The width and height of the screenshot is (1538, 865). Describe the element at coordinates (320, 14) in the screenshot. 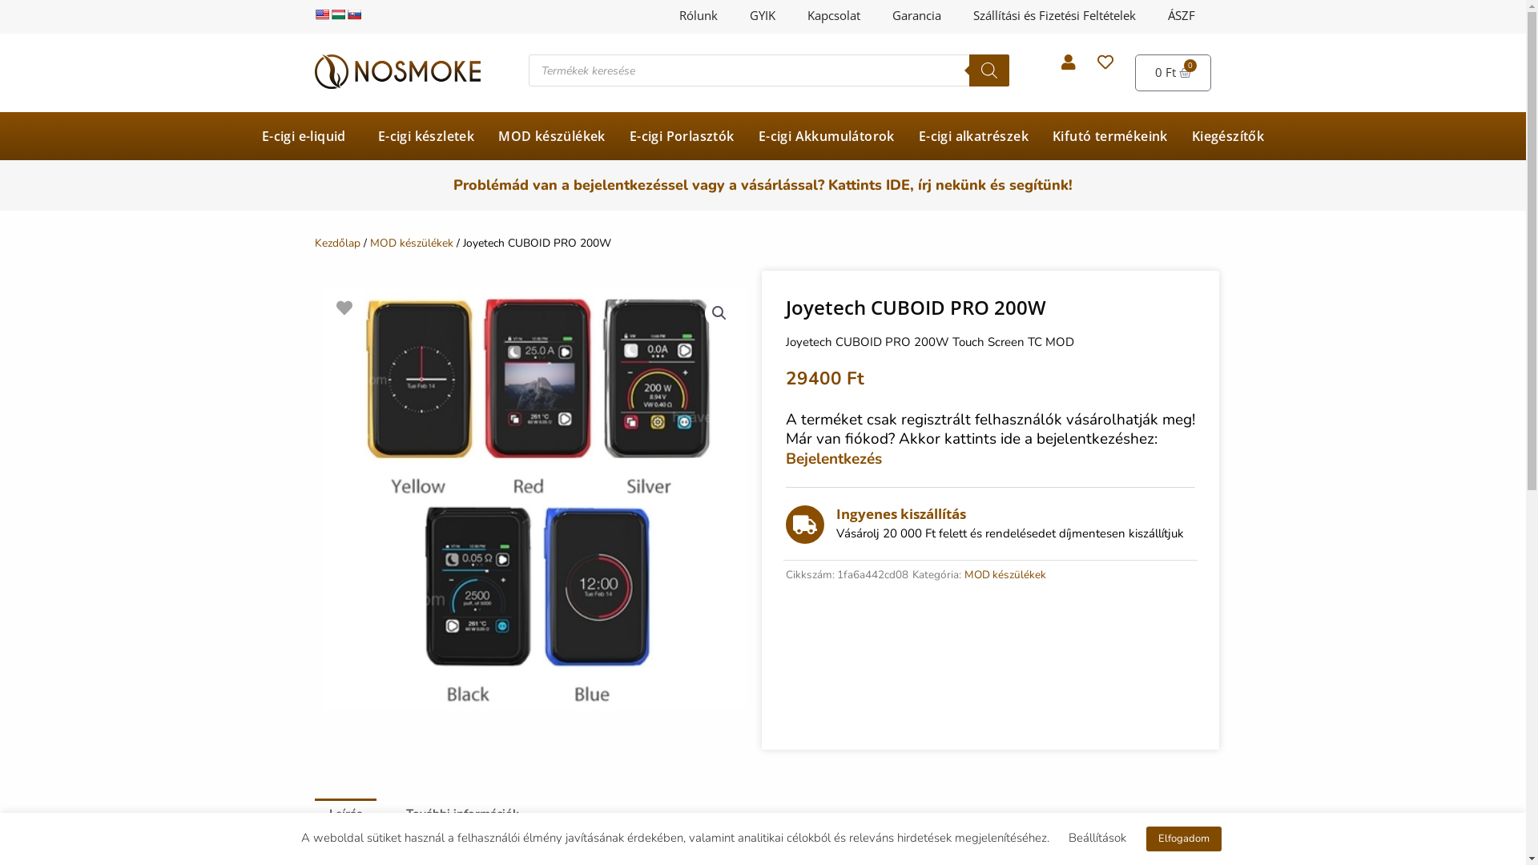

I see `'English'` at that location.